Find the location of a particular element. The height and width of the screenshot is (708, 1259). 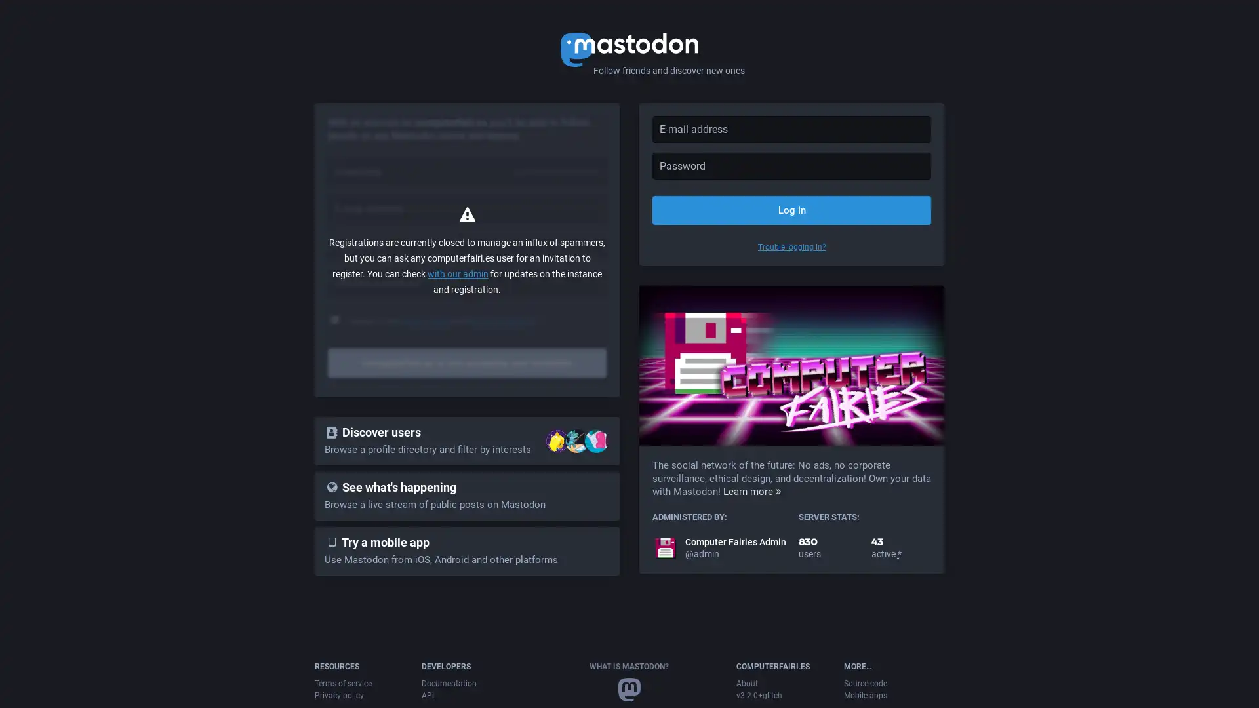

computerfairi.es is not accepting new members is located at coordinates (467, 363).